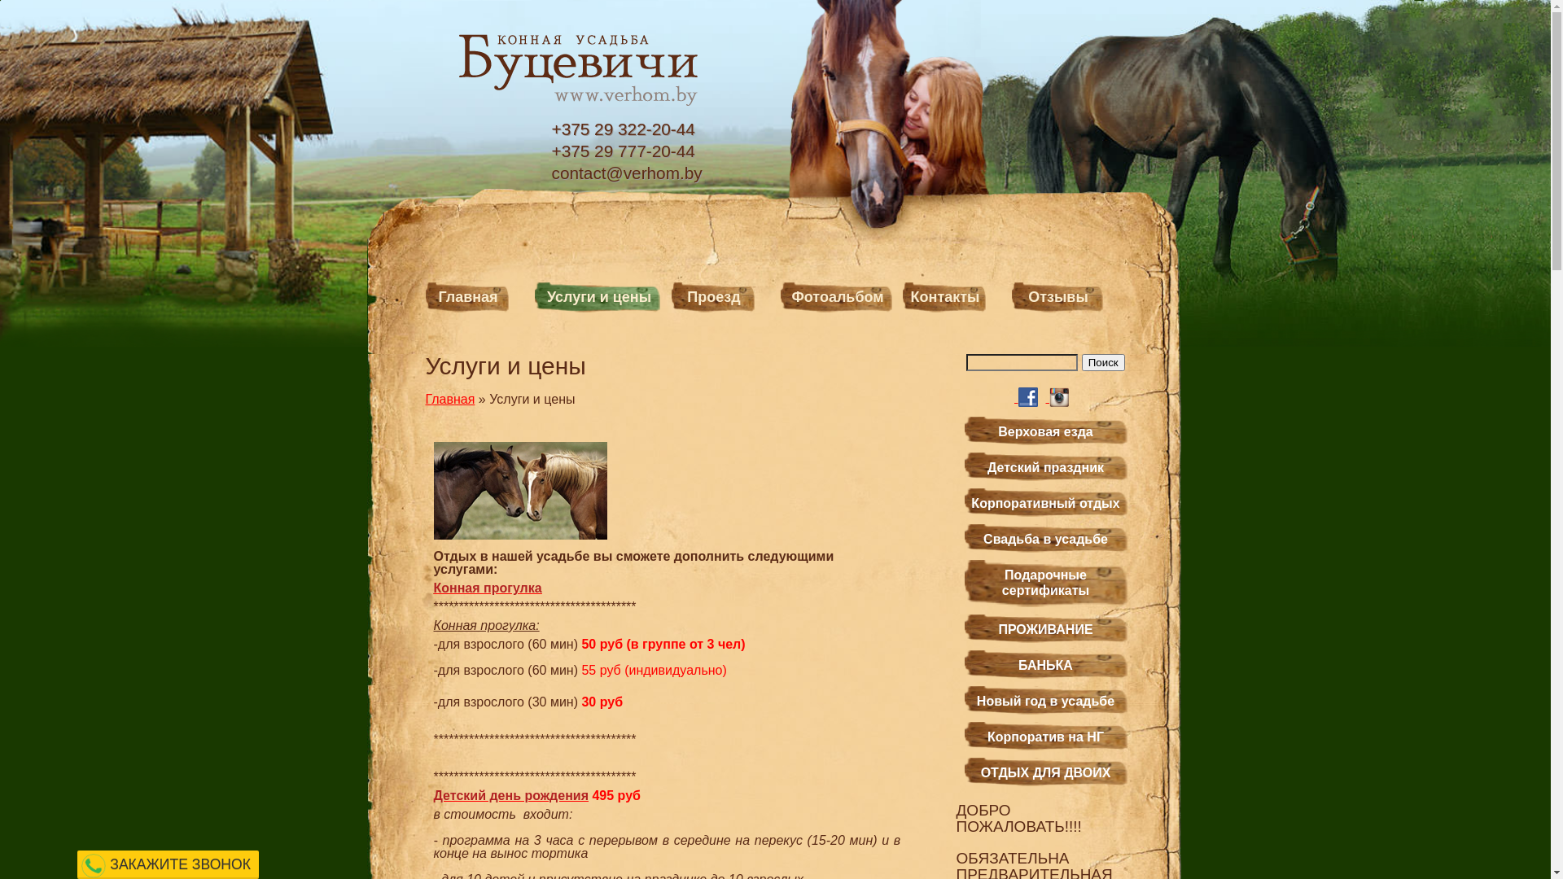  Describe the element at coordinates (551, 128) in the screenshot. I see `'+375 29 322-20-44'` at that location.